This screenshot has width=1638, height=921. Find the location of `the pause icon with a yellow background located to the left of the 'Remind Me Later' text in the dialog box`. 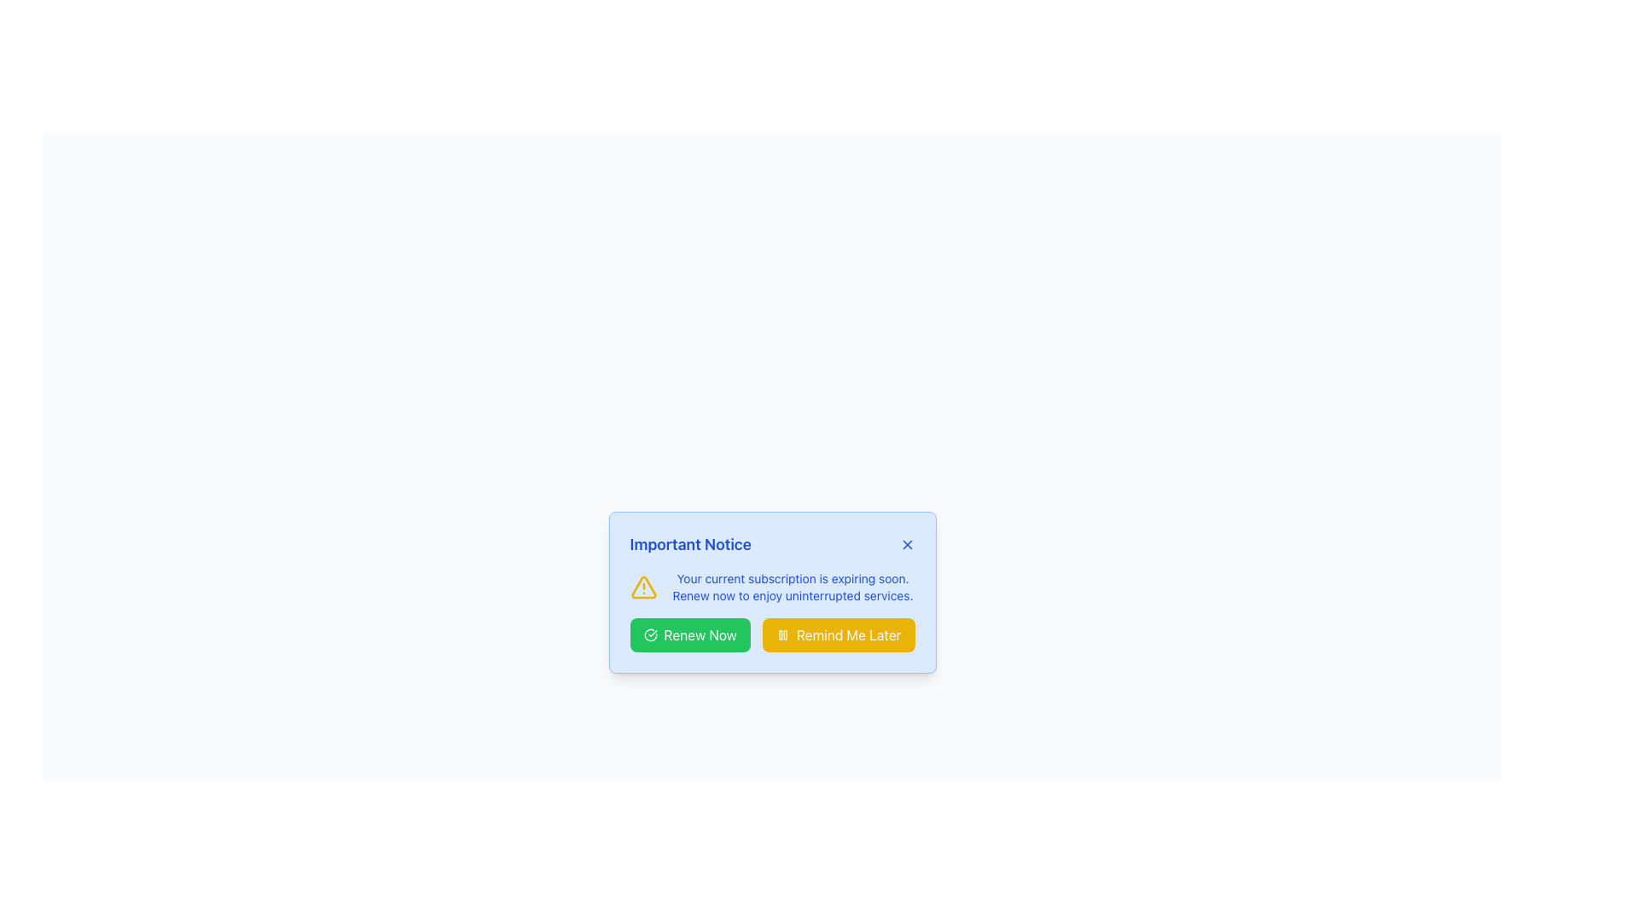

the pause icon with a yellow background located to the left of the 'Remind Me Later' text in the dialog box is located at coordinates (781, 634).